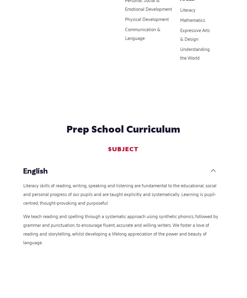 The image size is (247, 298). Describe the element at coordinates (121, 229) in the screenshot. I see `'We teach reading and spelling through a systematic approach using synthetic phonics, followed by grammar and punctuation, to encourage fluent, accurate and willing writers. We foster a love of reading and storytelling, whilst developing a lifelong appreciation of the power and beauty of language.'` at that location.